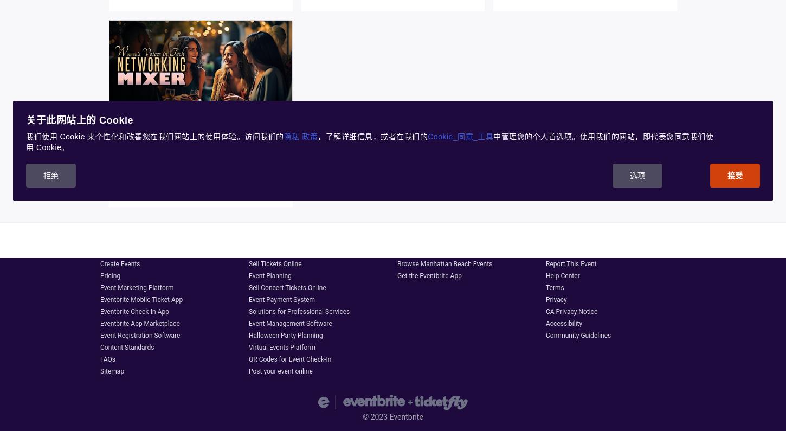 The image size is (786, 431). What do you see at coordinates (147, 159) in the screenshot?
I see `'Today at 6:00 PM'` at bounding box center [147, 159].